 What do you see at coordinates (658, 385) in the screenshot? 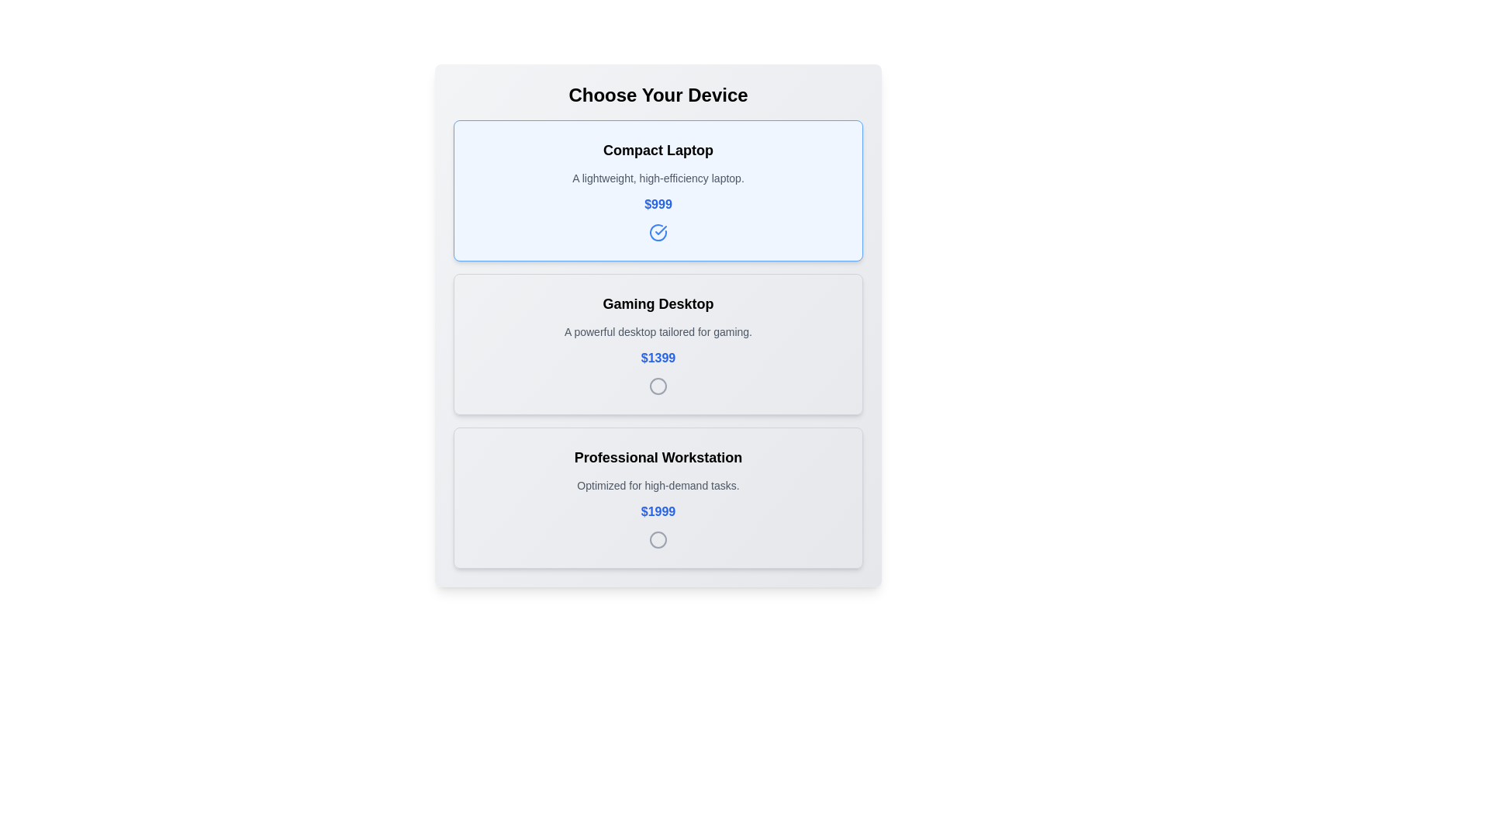
I see `the hollow circular radio button for 'Gaming Desktop' priced at '$1399', located centrally in the card beneath the text` at bounding box center [658, 385].